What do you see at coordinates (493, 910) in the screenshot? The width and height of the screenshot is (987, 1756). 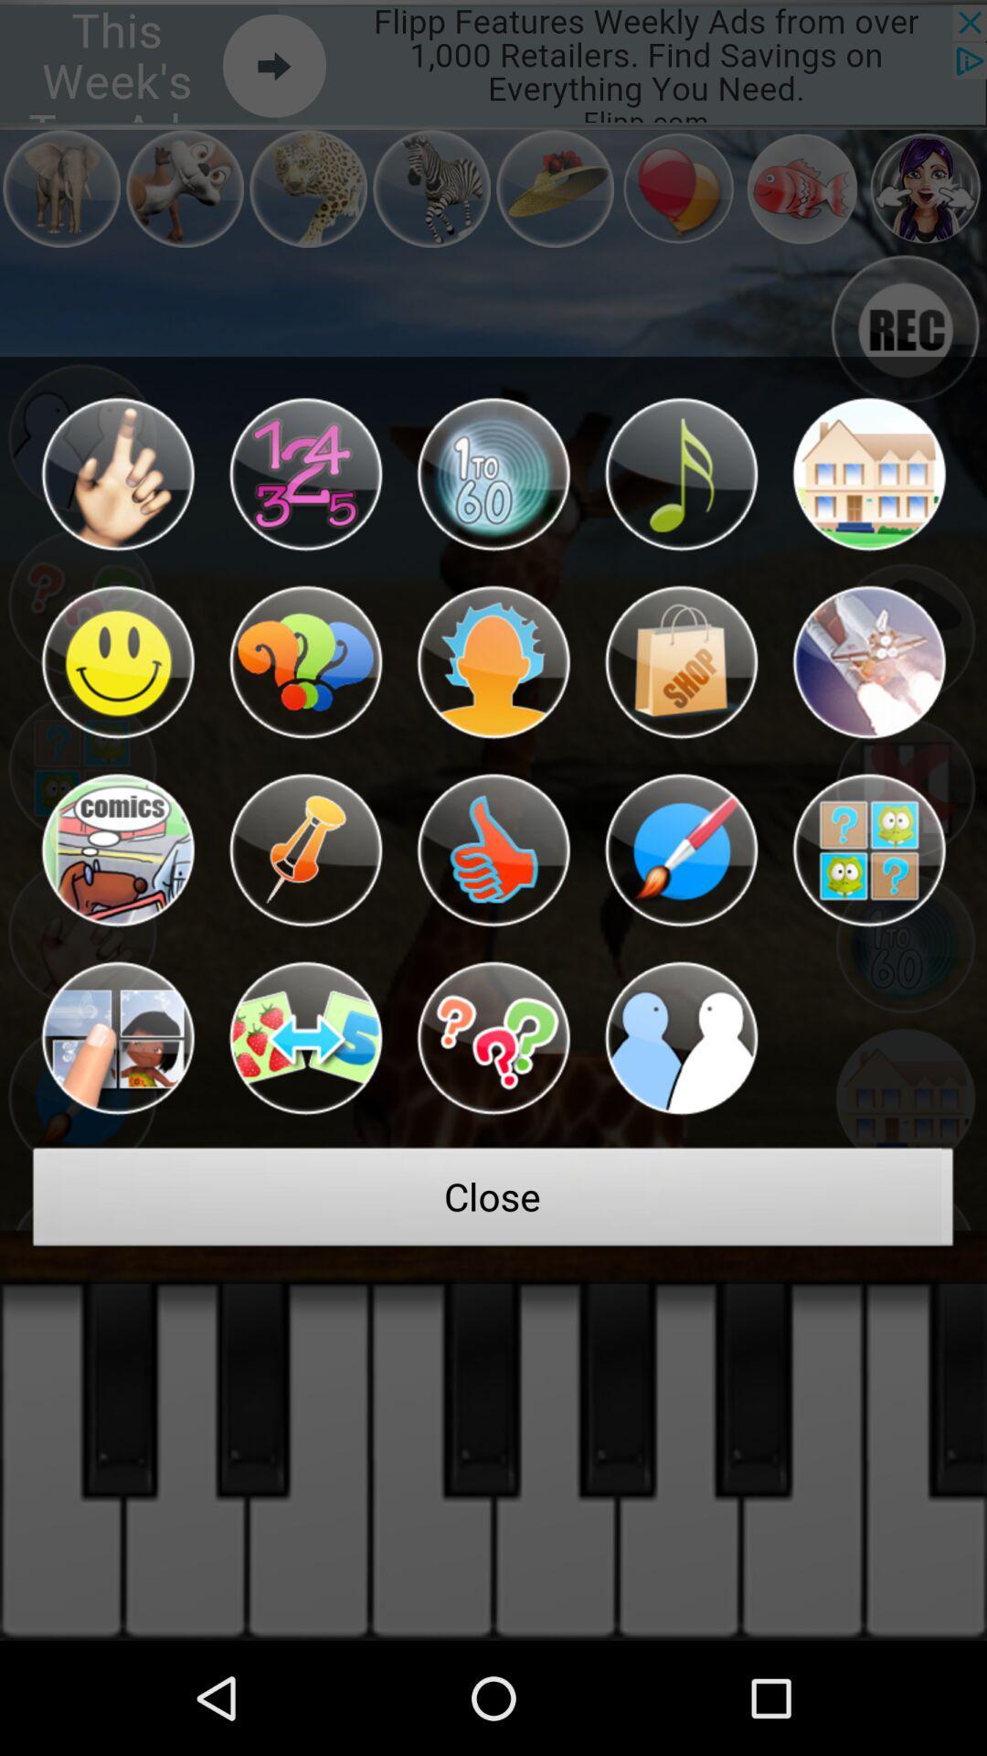 I see `the thumbs_up icon` at bounding box center [493, 910].